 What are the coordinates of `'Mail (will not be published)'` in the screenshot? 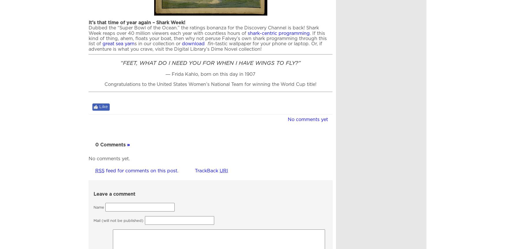 It's located at (118, 220).